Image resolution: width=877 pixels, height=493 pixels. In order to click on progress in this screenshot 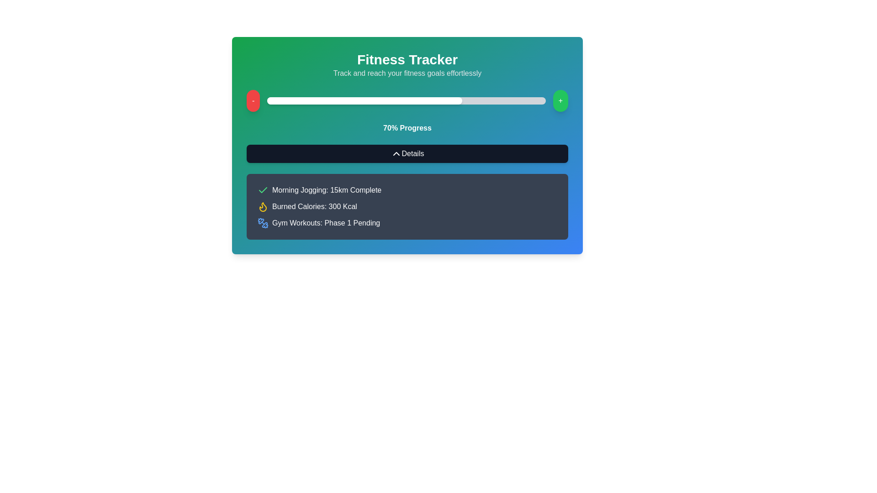, I will do `click(503, 100)`.